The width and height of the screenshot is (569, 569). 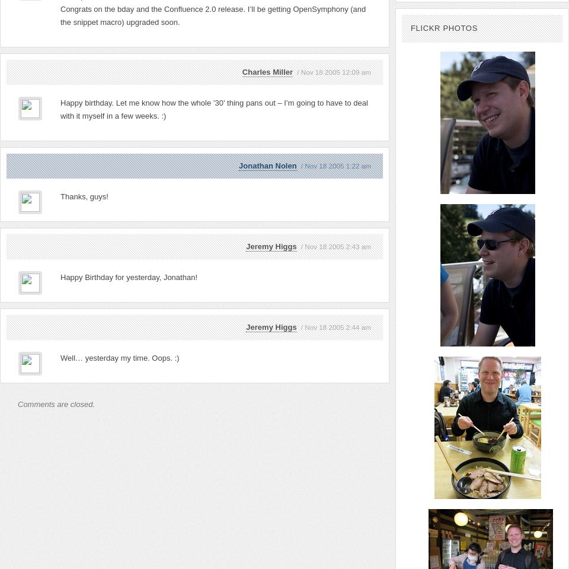 I want to click on 'Well… yesterday my time. Oops. :)', so click(x=119, y=357).